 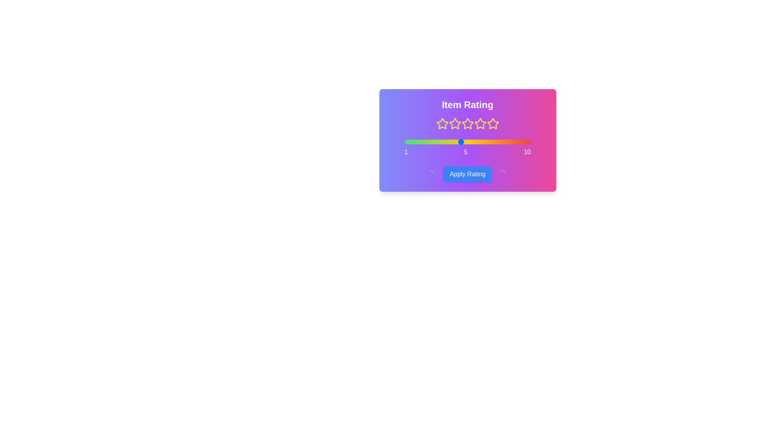 What do you see at coordinates (404, 141) in the screenshot?
I see `the slider to set the rating to 1` at bounding box center [404, 141].